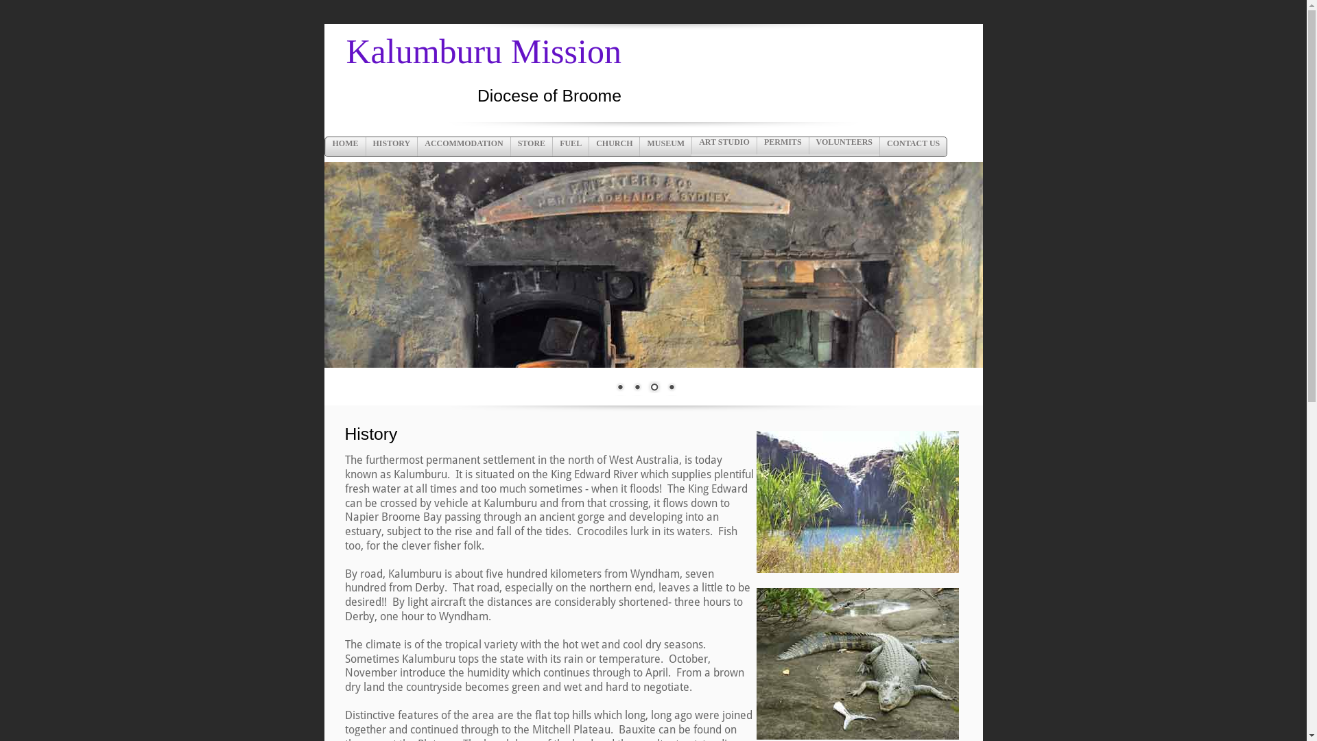  Describe the element at coordinates (653, 388) in the screenshot. I see `'3'` at that location.